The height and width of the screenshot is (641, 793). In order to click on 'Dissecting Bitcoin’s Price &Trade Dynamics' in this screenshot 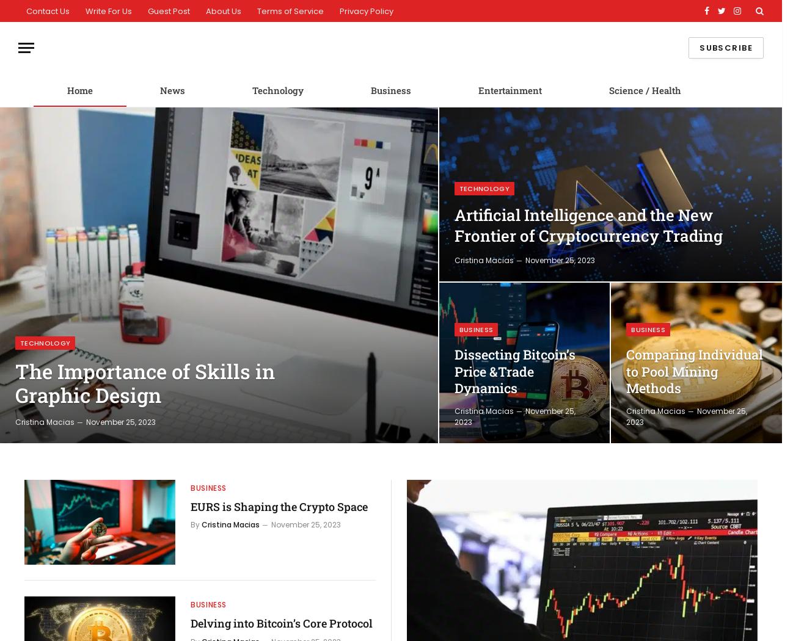, I will do `click(453, 371)`.